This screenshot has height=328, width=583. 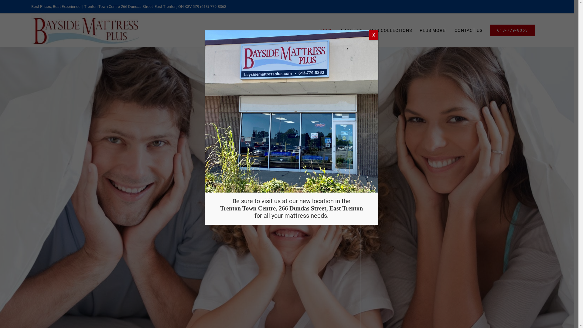 I want to click on 'CONTACT US', so click(x=455, y=30).